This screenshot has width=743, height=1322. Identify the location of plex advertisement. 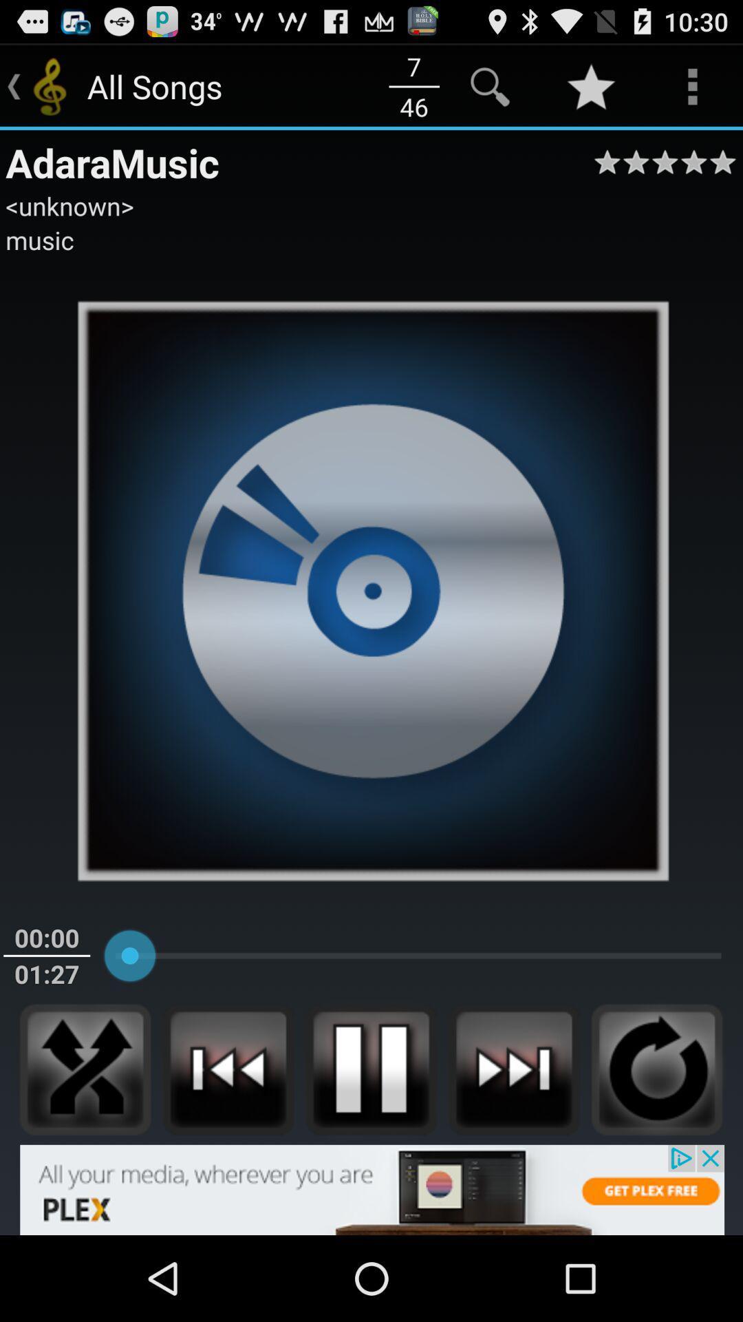
(371, 1189).